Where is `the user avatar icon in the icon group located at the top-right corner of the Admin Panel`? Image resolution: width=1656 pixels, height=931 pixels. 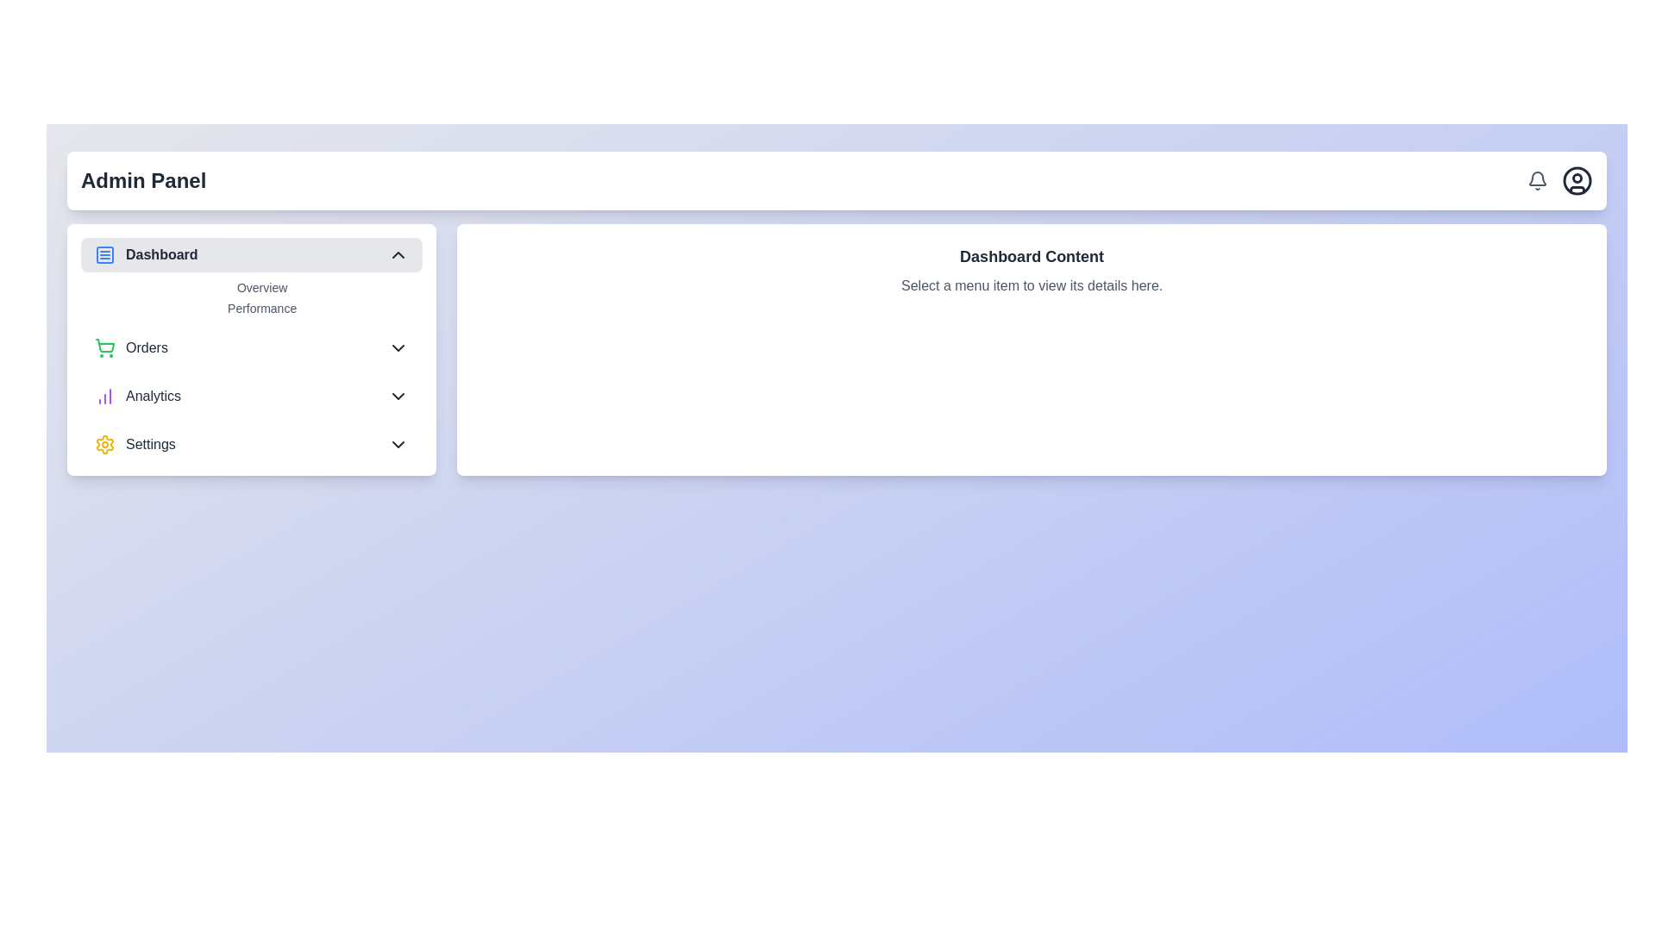
the user avatar icon in the icon group located at the top-right corner of the Admin Panel is located at coordinates (1560, 180).